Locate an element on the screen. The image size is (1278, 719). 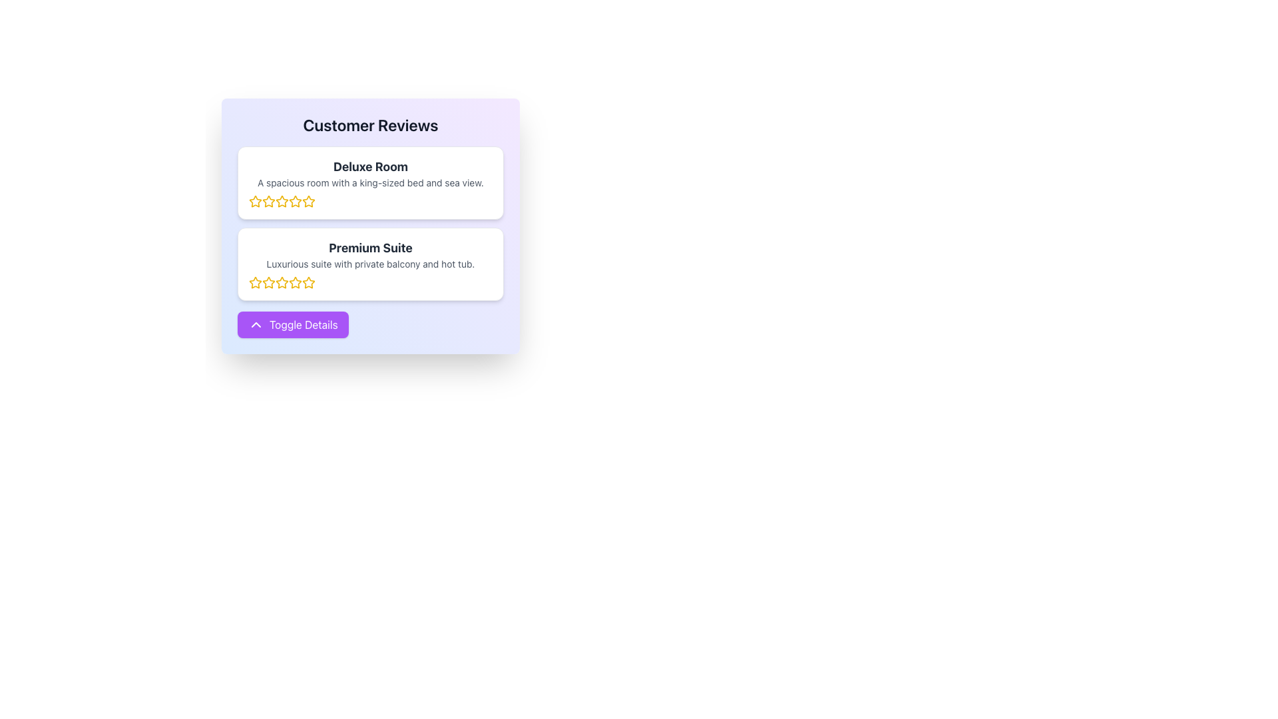
the first star icon representing the rating under the 'Deluxe Room' heading in the 'Customer Reviews' section is located at coordinates (256, 202).